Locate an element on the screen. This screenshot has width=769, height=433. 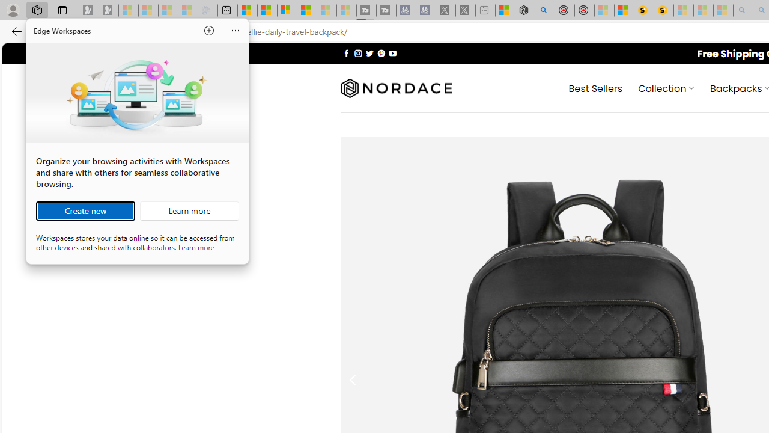
'Follow on Facebook' is located at coordinates (346, 52).